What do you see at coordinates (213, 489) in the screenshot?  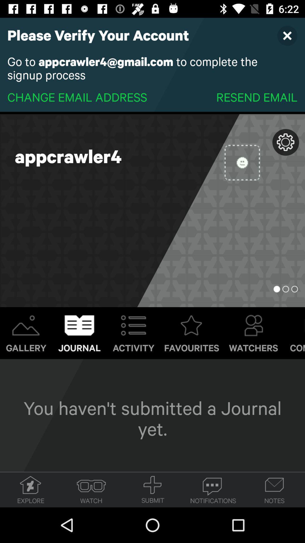 I see `the chat icon` at bounding box center [213, 489].